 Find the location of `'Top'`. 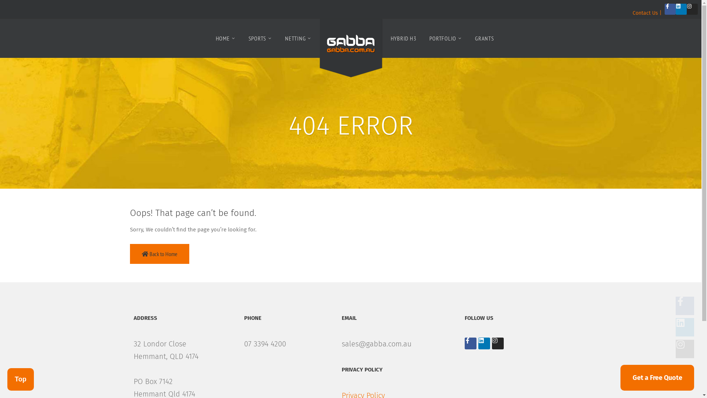

'Top' is located at coordinates (21, 379).